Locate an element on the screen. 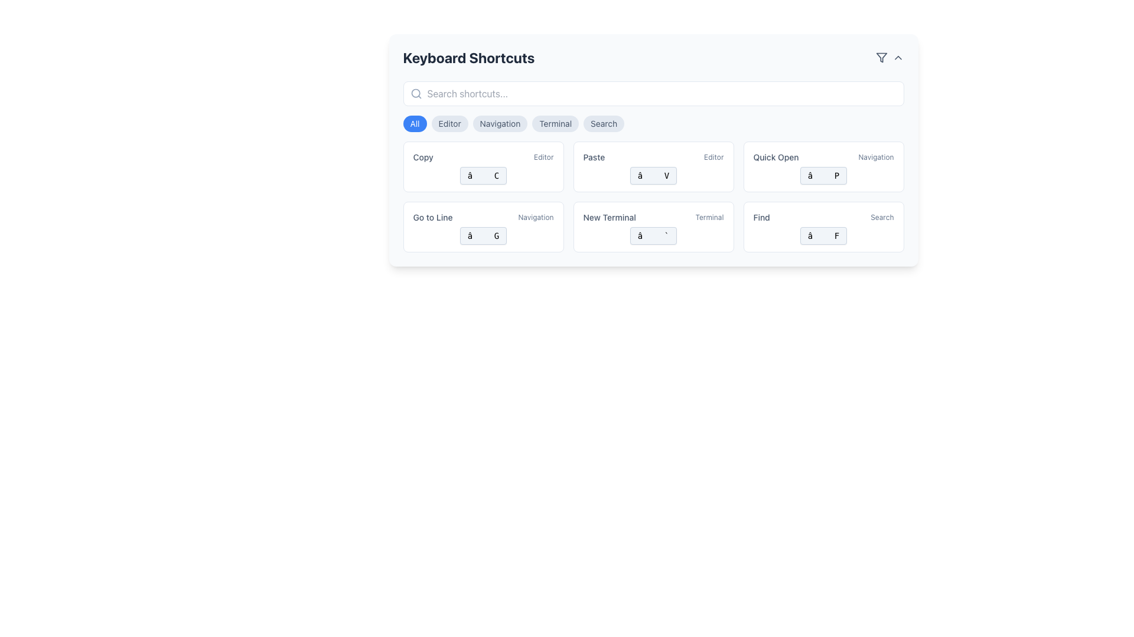 This screenshot has height=637, width=1134. the static text label element displaying 'Find', which is styled in a small font size and slate-gray color, located in the lower-right quadrant of the layout is located at coordinates (761, 218).